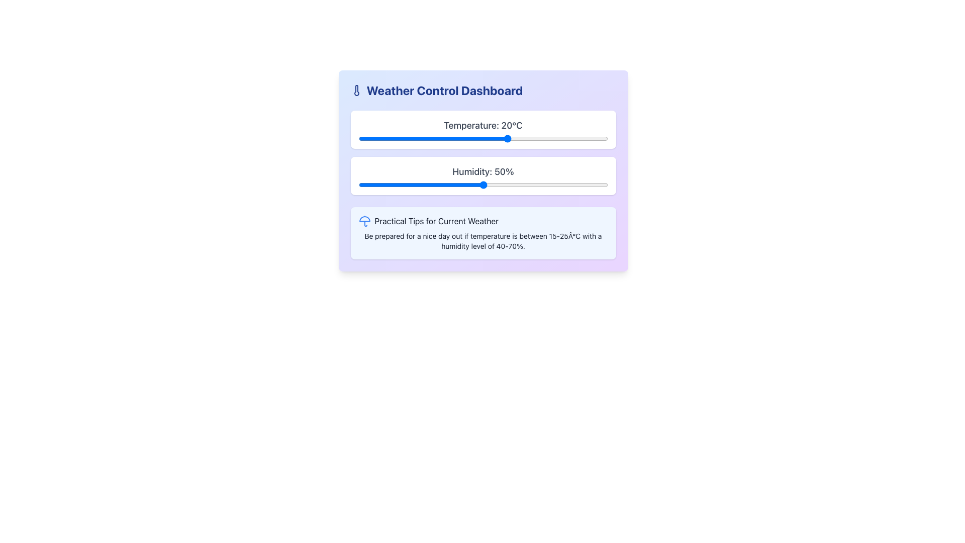 The width and height of the screenshot is (965, 543). I want to click on the humidity, so click(585, 185).